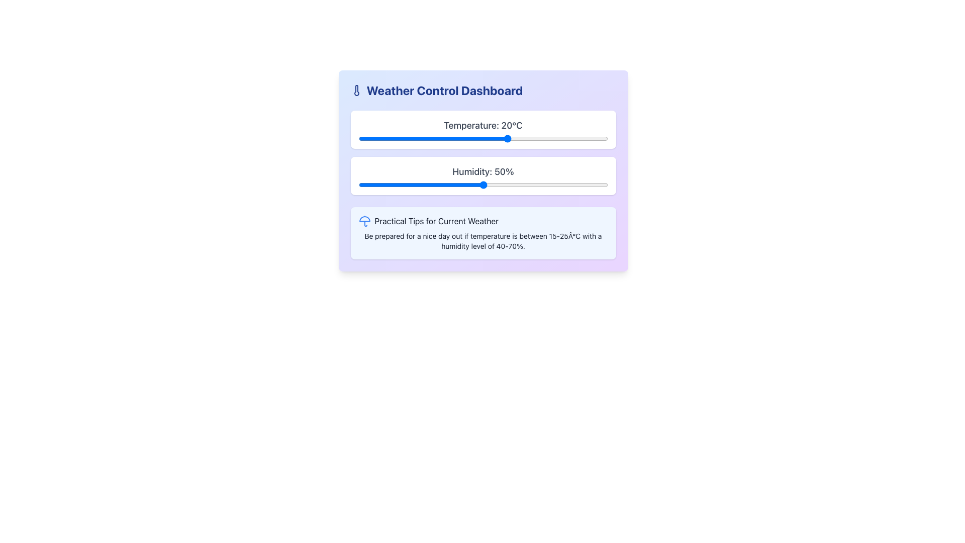 The width and height of the screenshot is (965, 543). I want to click on the humidity, so click(585, 185).